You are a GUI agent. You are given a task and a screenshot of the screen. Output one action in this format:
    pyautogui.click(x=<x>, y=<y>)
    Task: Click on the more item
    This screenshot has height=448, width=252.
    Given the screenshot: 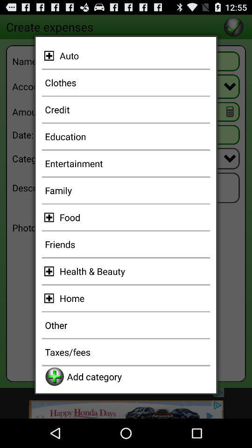 What is the action you would take?
    pyautogui.click(x=50, y=217)
    